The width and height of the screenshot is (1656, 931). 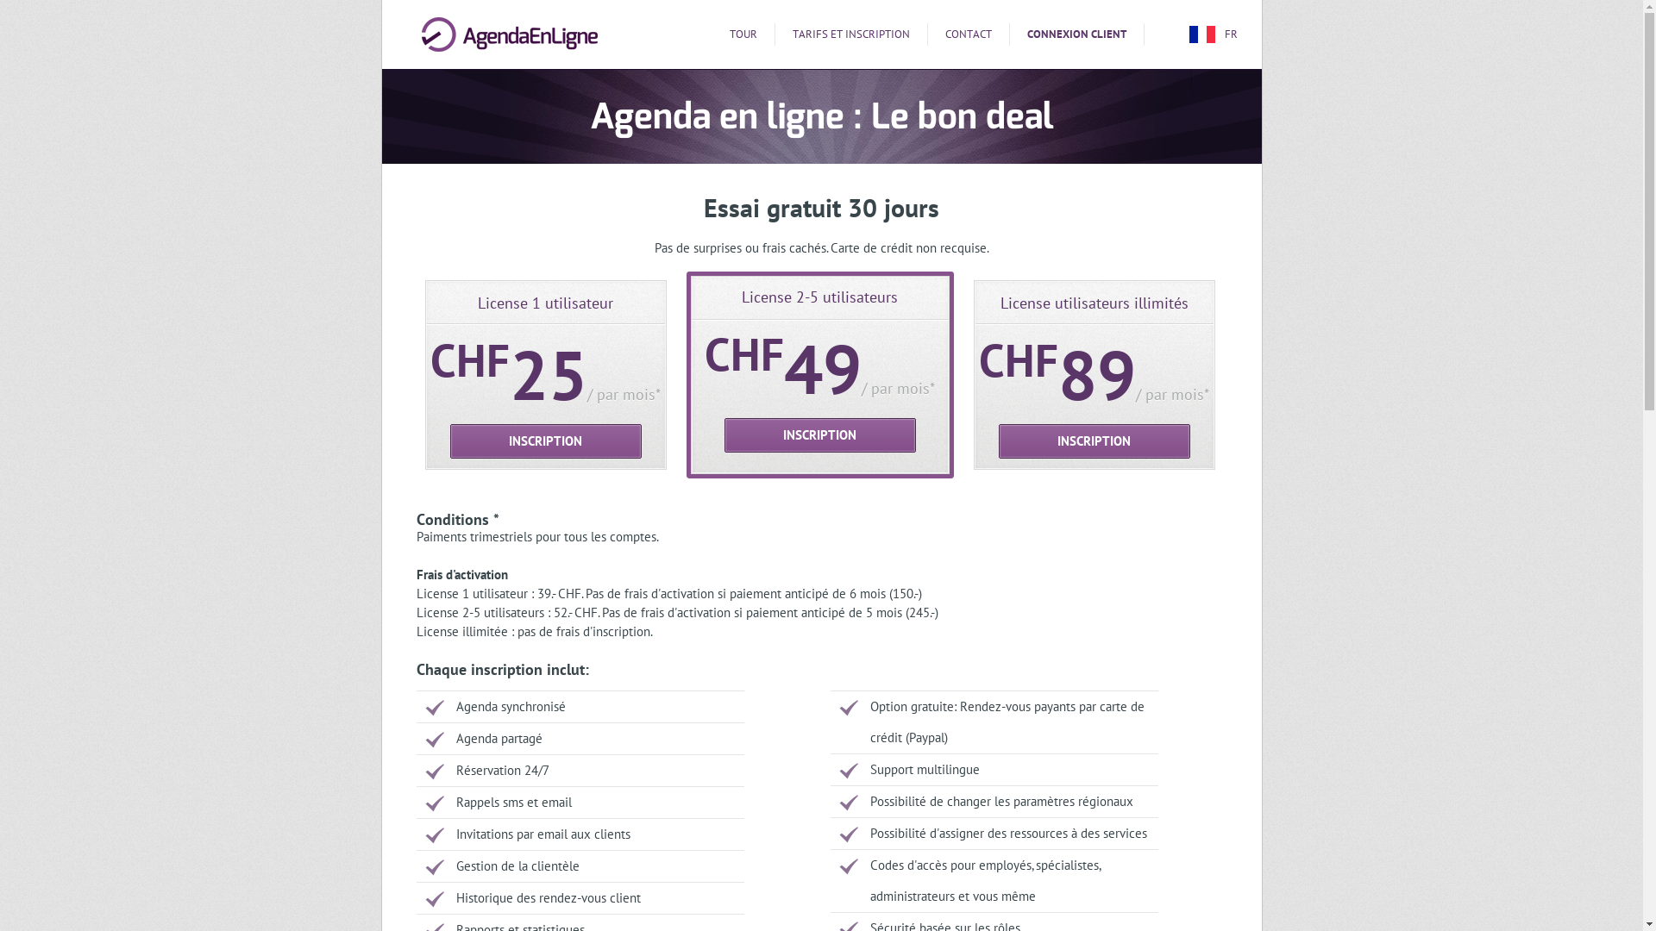 I want to click on 'TARIFS ET INSCRIPTION', so click(x=850, y=34).